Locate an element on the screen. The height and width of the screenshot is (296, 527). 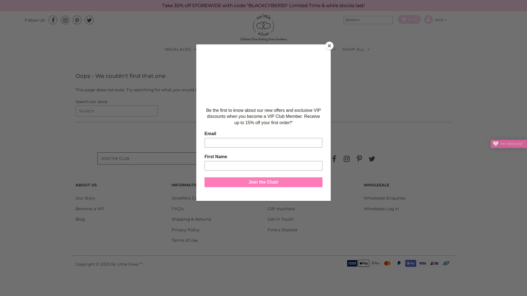
'PENDANTS' is located at coordinates (321, 49).